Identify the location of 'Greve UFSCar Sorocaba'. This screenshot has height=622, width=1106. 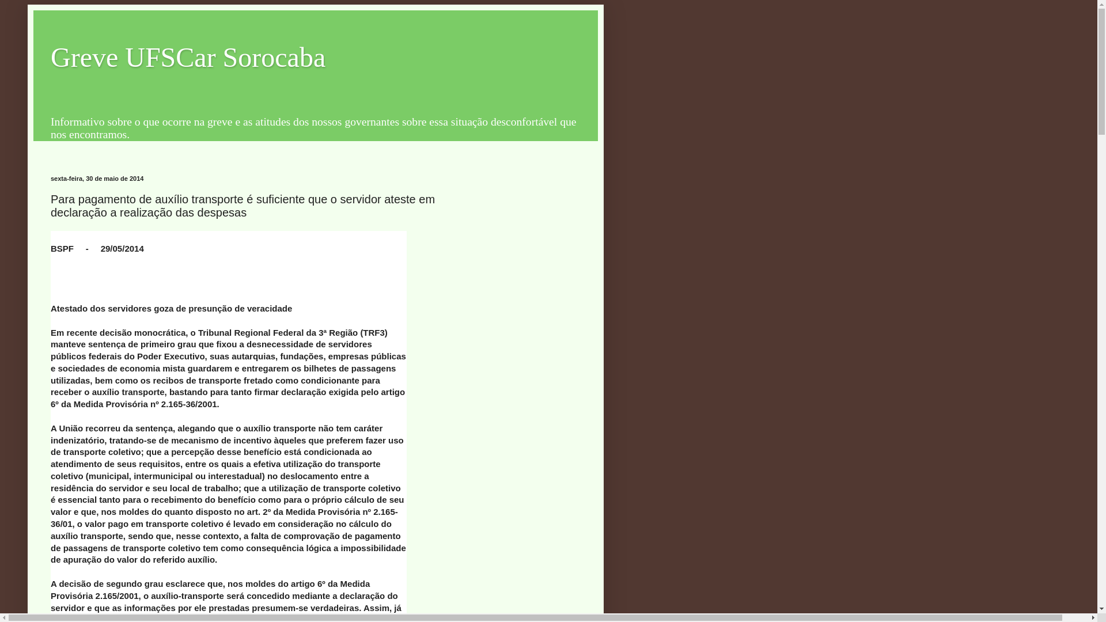
(188, 57).